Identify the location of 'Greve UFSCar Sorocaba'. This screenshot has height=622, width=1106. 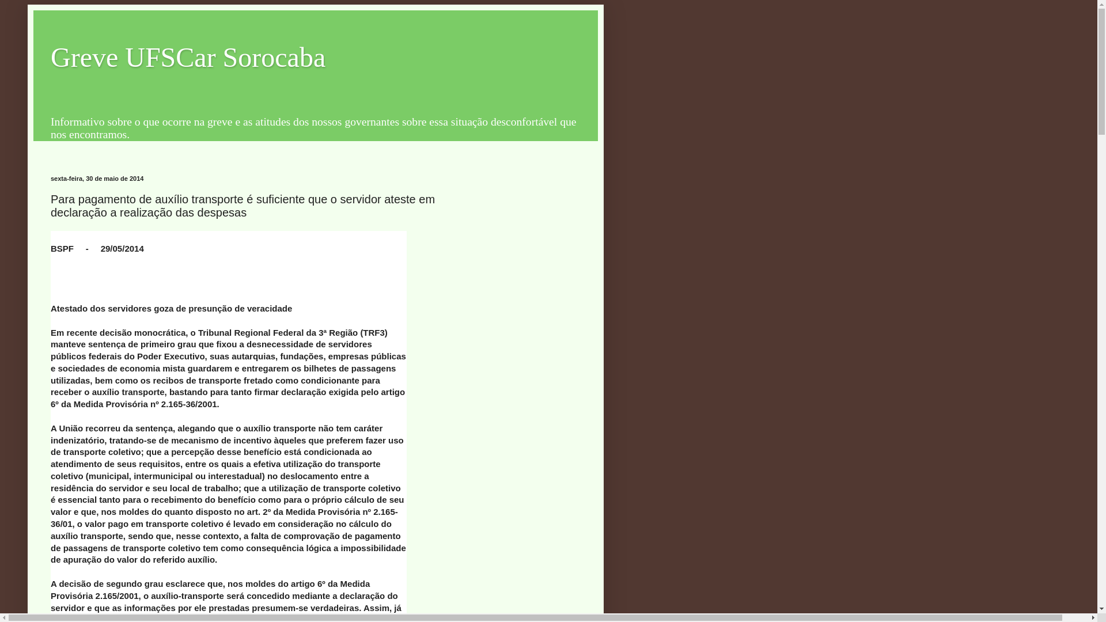
(188, 57).